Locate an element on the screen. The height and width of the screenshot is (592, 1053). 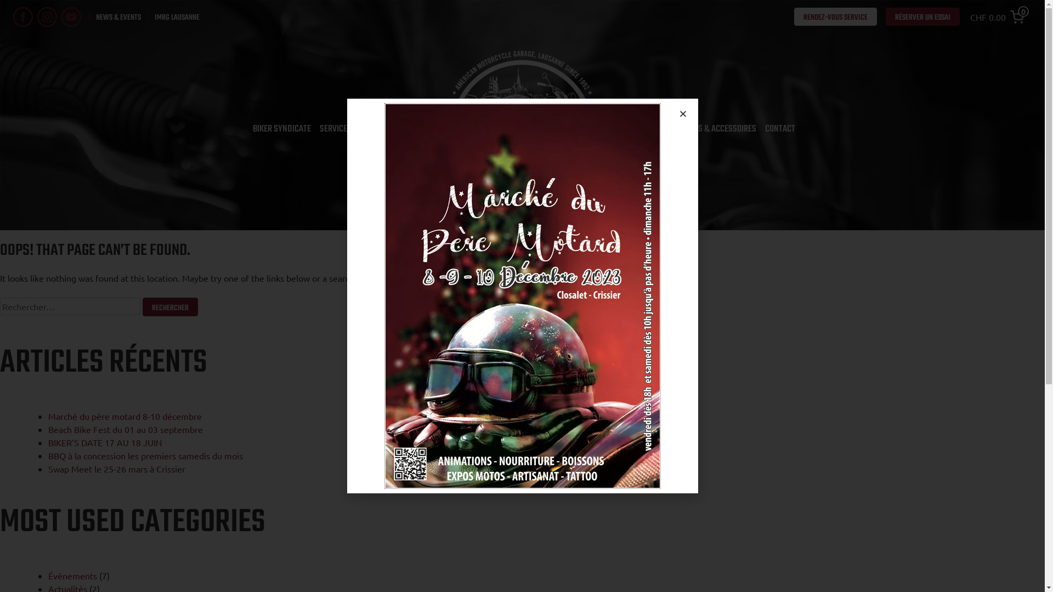
'instagram' is located at coordinates (47, 16).